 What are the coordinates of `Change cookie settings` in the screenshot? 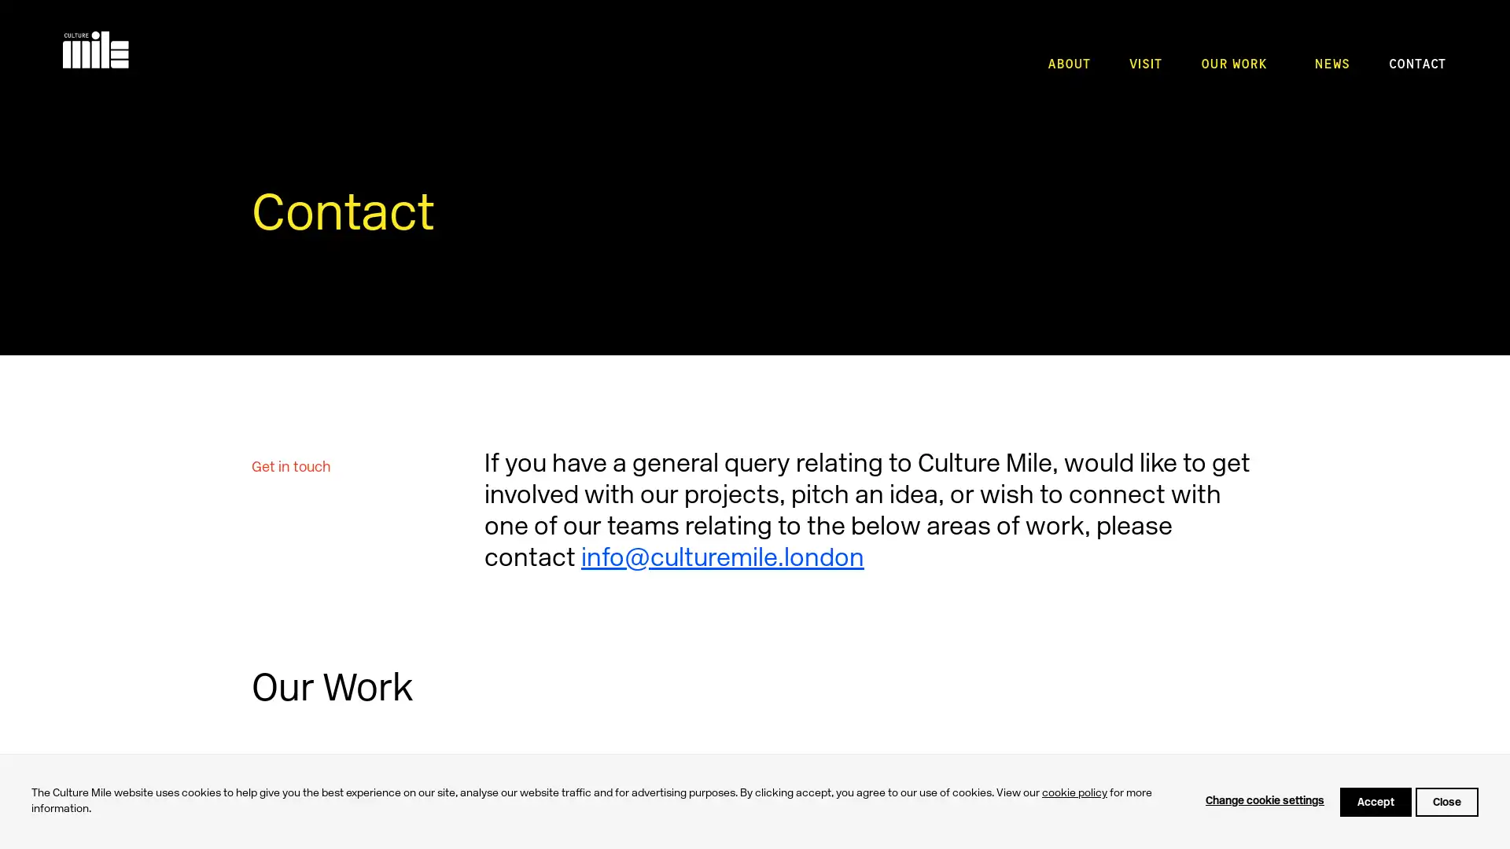 It's located at (1265, 801).